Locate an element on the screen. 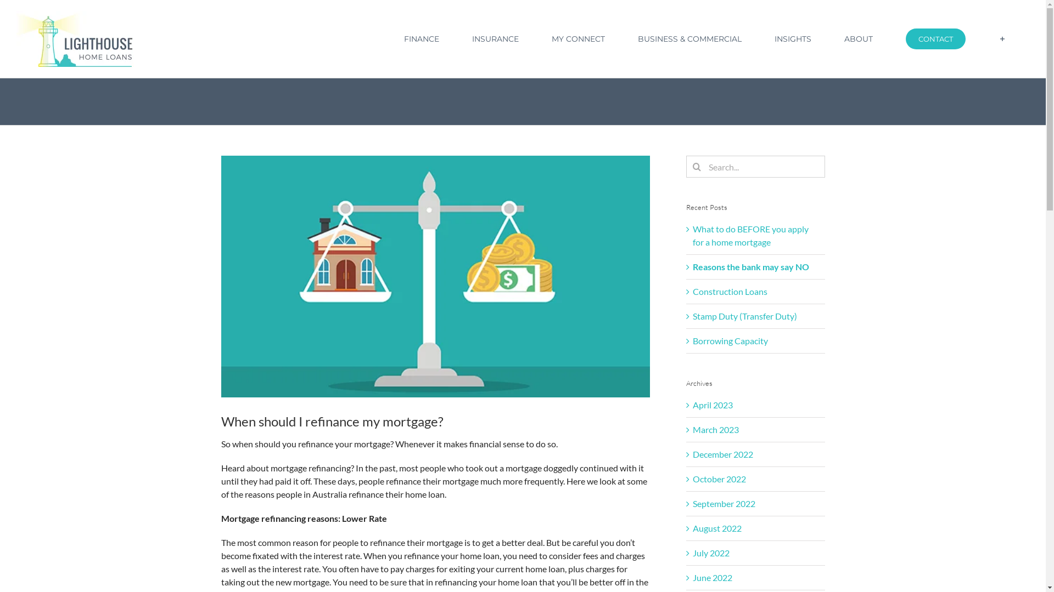 The width and height of the screenshot is (1054, 592). 'Borrowing Capacity' is located at coordinates (730, 340).